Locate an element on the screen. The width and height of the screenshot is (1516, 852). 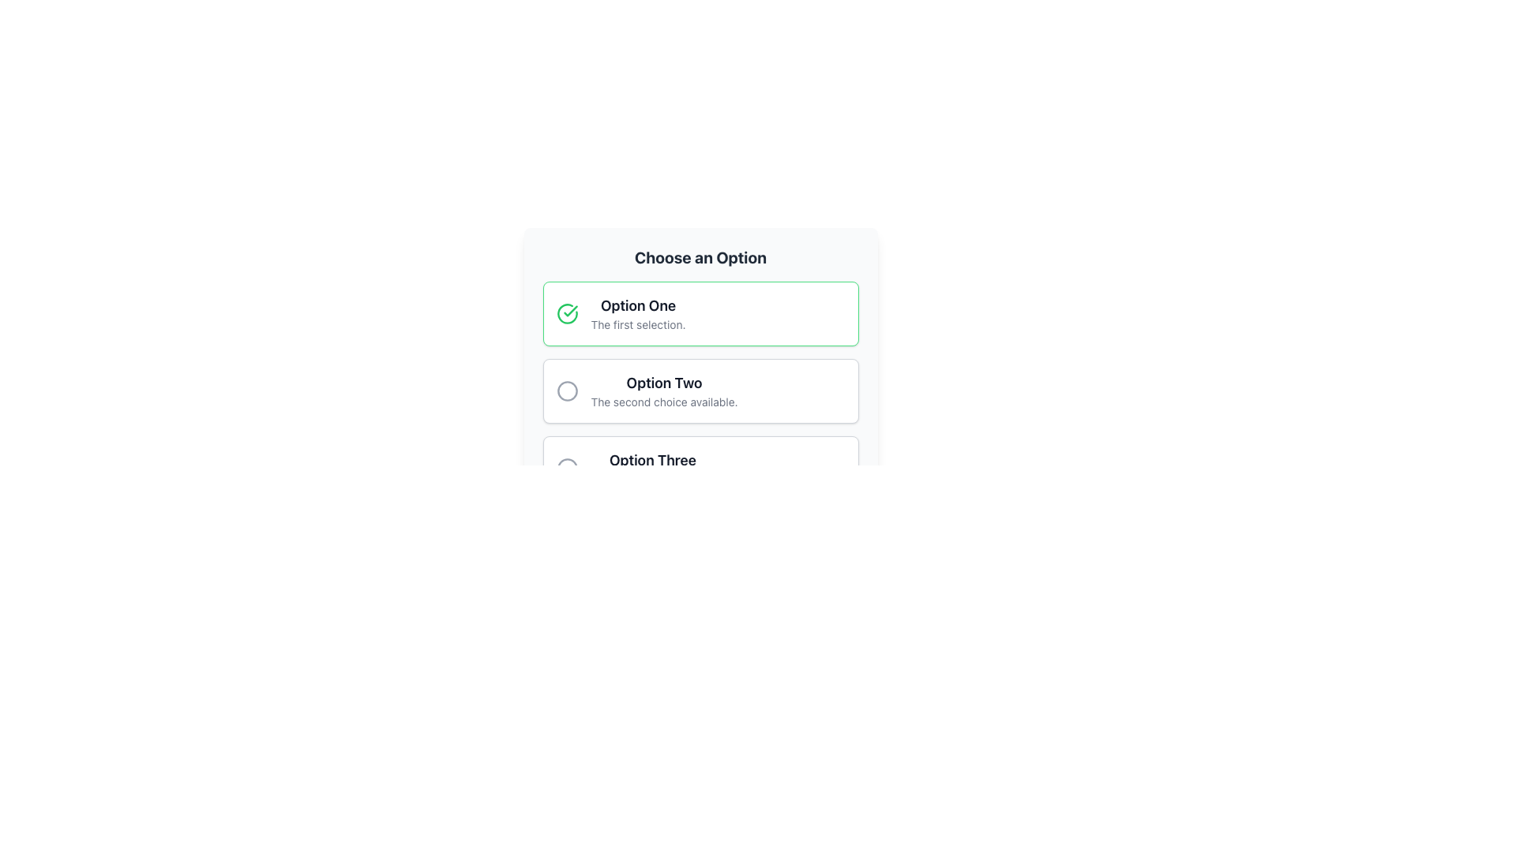
the text element that provides information about the third selectable option in the list is located at coordinates (652, 468).